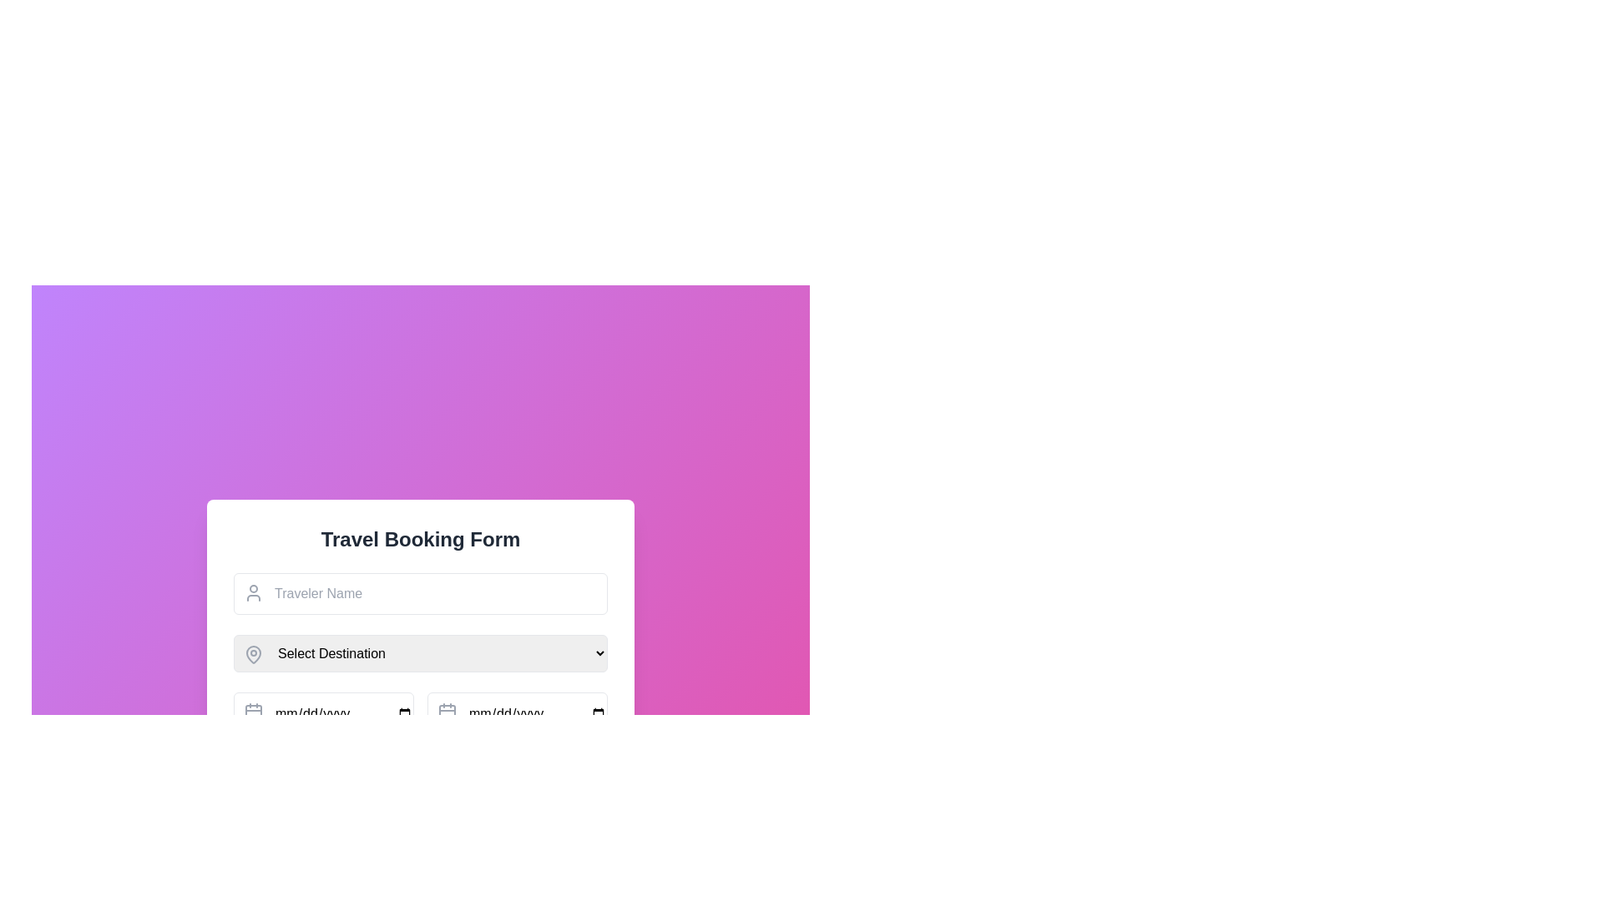 This screenshot has width=1603, height=901. Describe the element at coordinates (448, 713) in the screenshot. I see `the calendar icon within the travel booking form, which is positioned next to the date input fields` at that location.